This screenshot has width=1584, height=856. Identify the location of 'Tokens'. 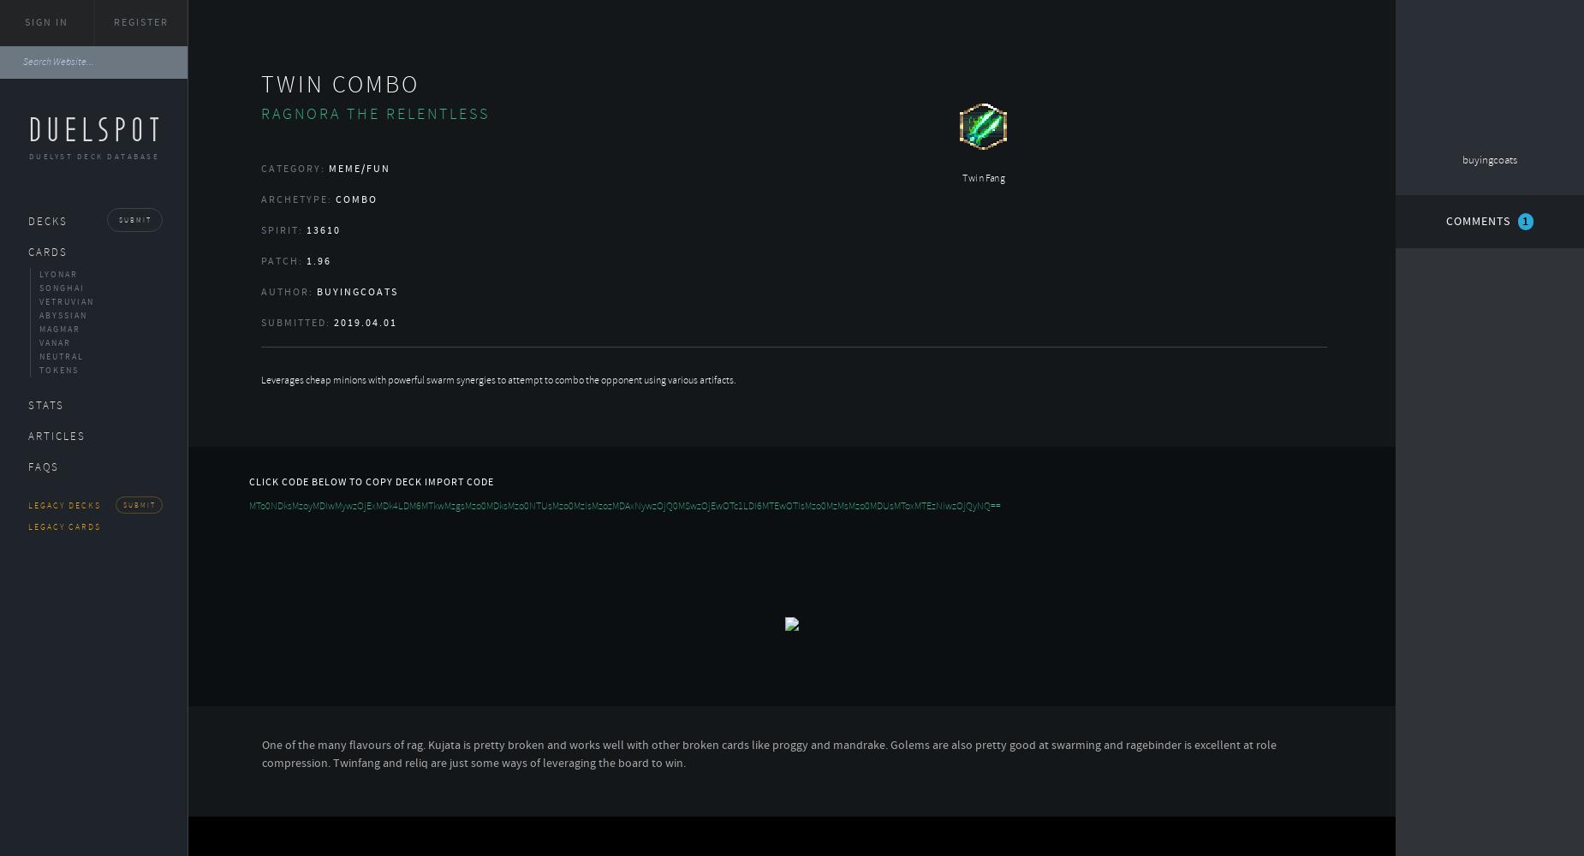
(58, 370).